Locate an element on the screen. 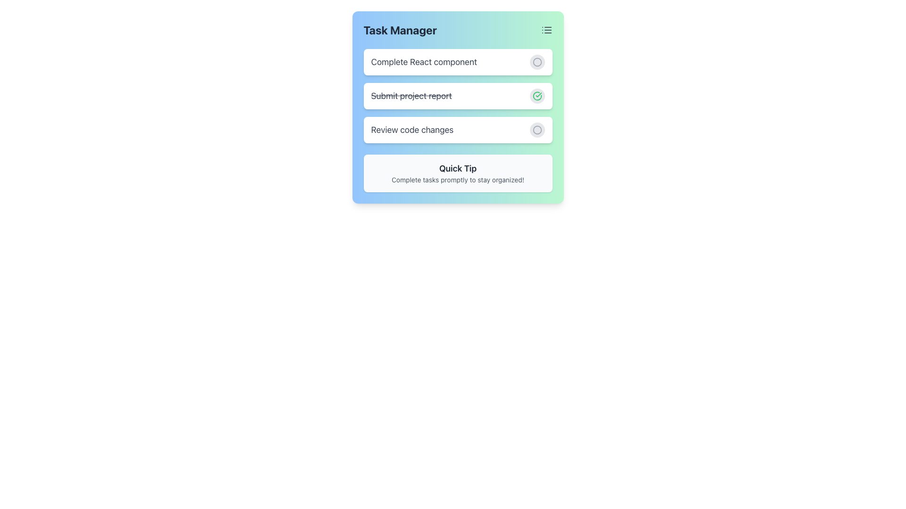 The image size is (906, 509). the circular gray outlined icon representing an unchecked state is located at coordinates (537, 62).